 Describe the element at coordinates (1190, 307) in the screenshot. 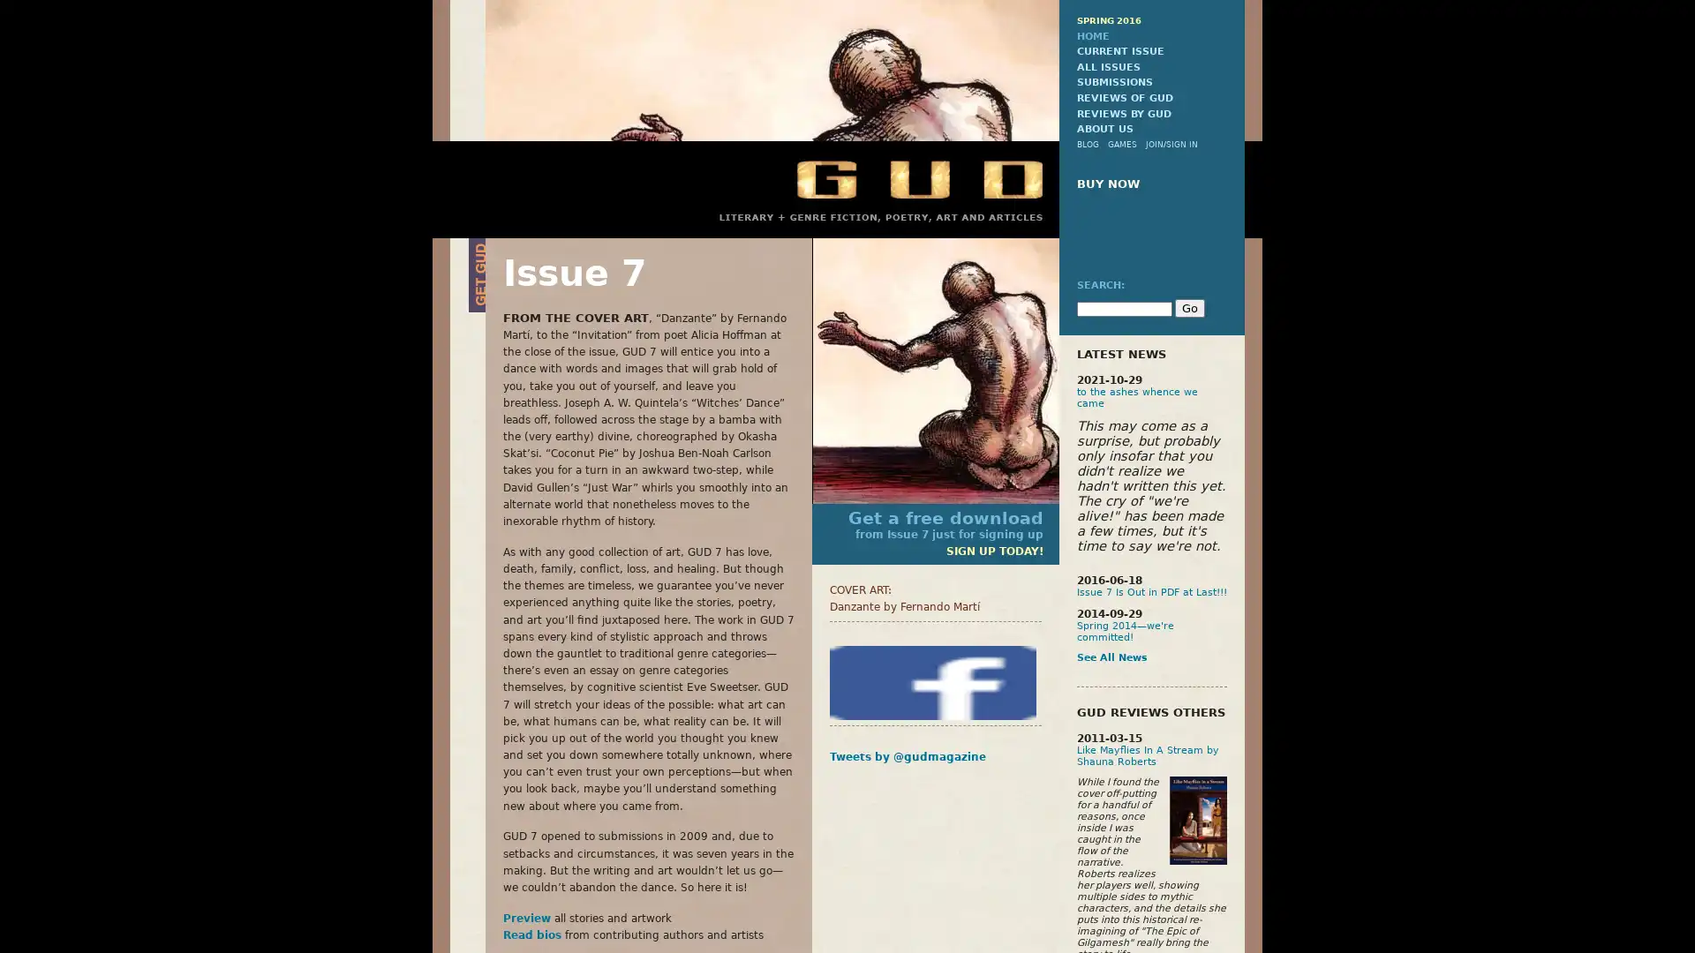

I see `Go` at that location.